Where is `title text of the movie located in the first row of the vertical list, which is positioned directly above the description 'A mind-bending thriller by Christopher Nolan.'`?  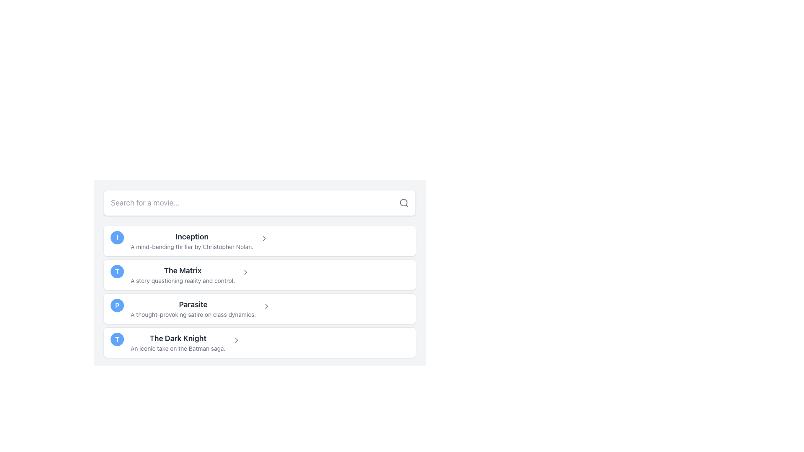 title text of the movie located in the first row of the vertical list, which is positioned directly above the description 'A mind-bending thriller by Christopher Nolan.' is located at coordinates (191, 237).